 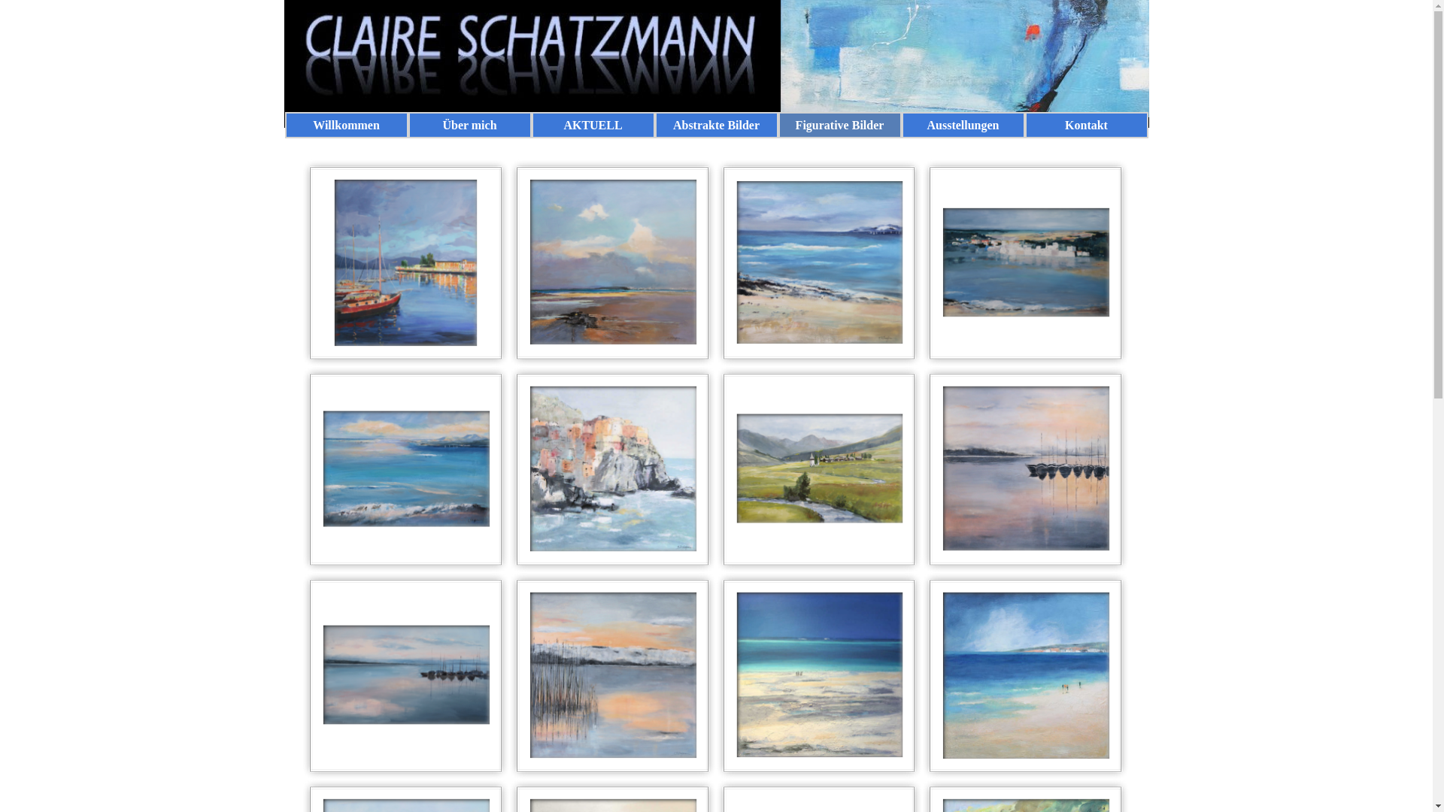 What do you see at coordinates (290, 124) in the screenshot?
I see `'Willkommen'` at bounding box center [290, 124].